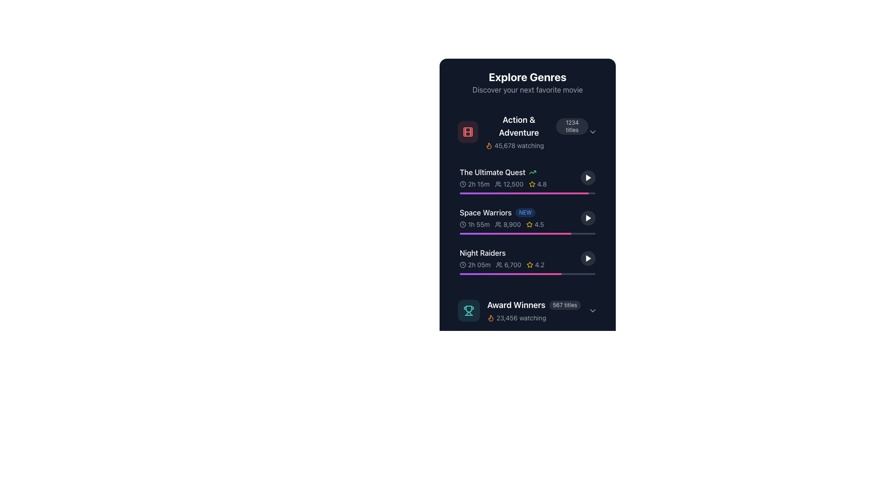 The height and width of the screenshot is (495, 881). What do you see at coordinates (507, 224) in the screenshot?
I see `the text label displaying the number of viewers or participants for the 'Space Warriors' content, located in the second row under 'Explore Genres', between a clock icon and a rating score indicator` at bounding box center [507, 224].